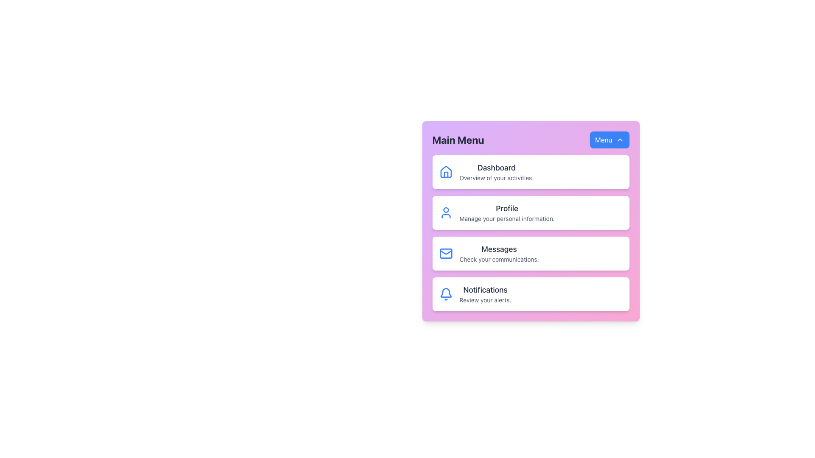 Image resolution: width=815 pixels, height=458 pixels. I want to click on the user profile settings icon located to the left of the 'Profile' card text in the main menu interface, so click(445, 212).